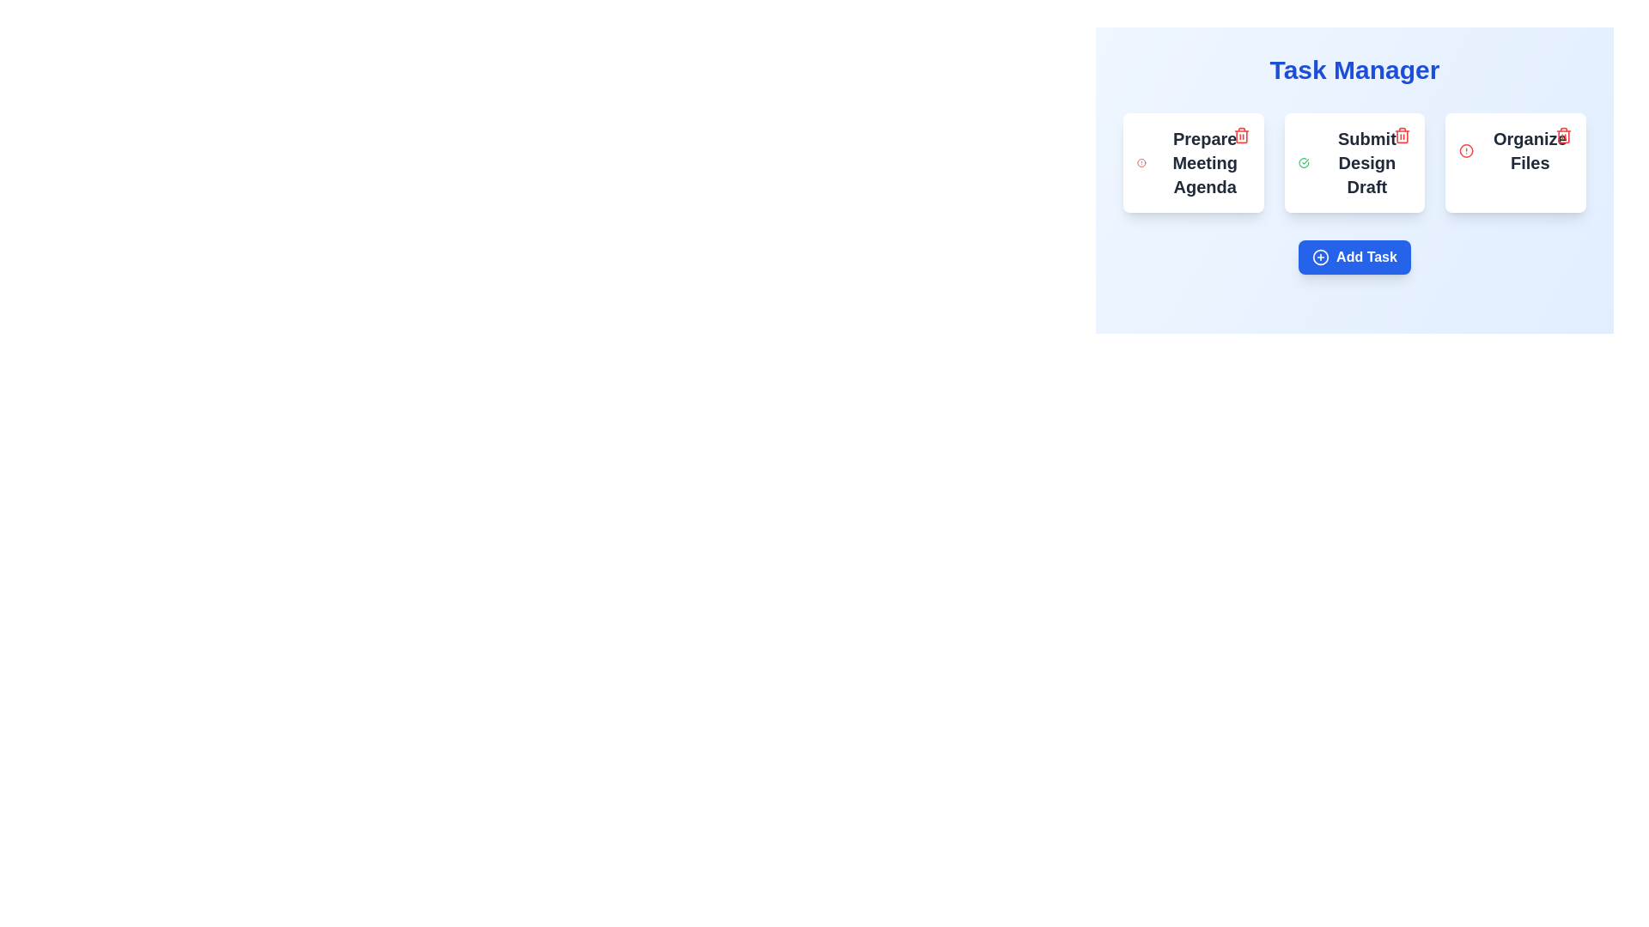 This screenshot has width=1649, height=927. Describe the element at coordinates (1466, 150) in the screenshot. I see `the circular alert icon with a red border located within the 'Prepare Meeting Agenda' task card in the top-left corner of the task manager interface` at that location.